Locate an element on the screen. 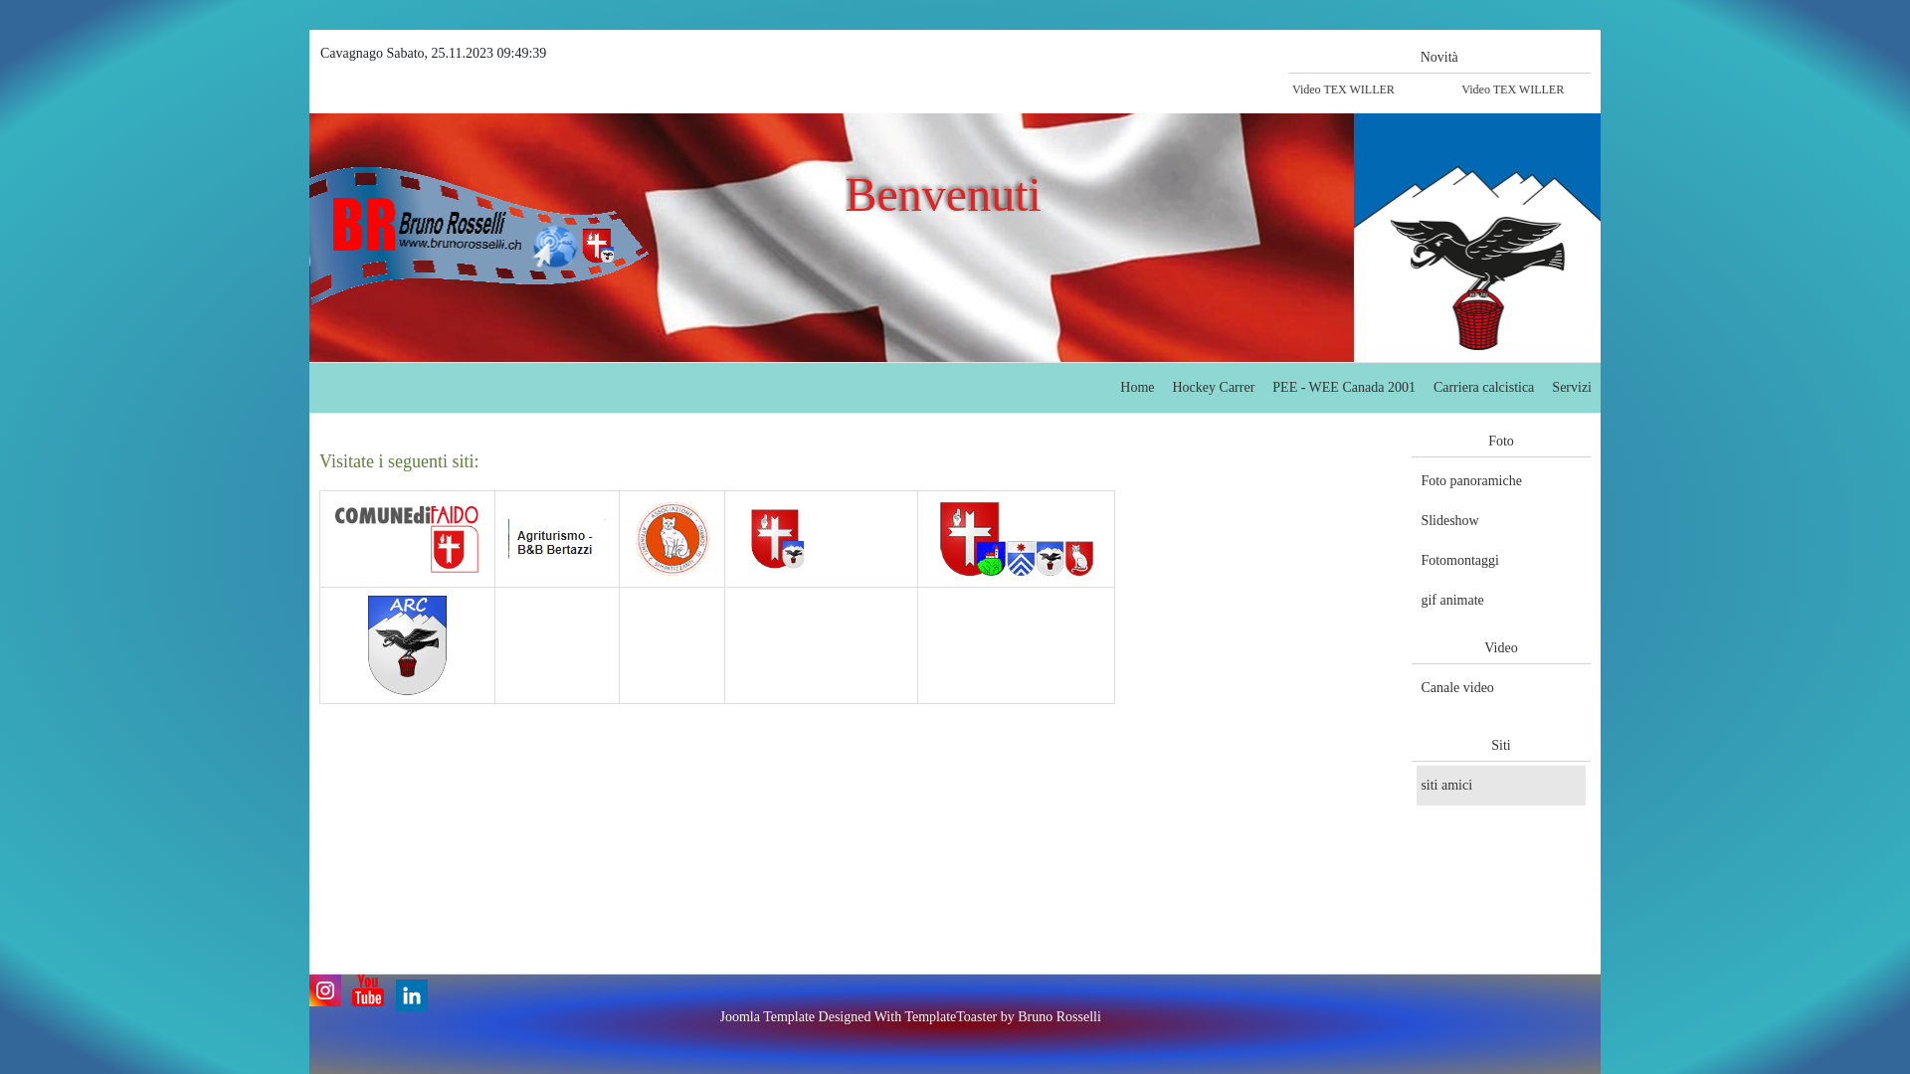 The width and height of the screenshot is (1910, 1074). 'Slideshow' is located at coordinates (1500, 520).